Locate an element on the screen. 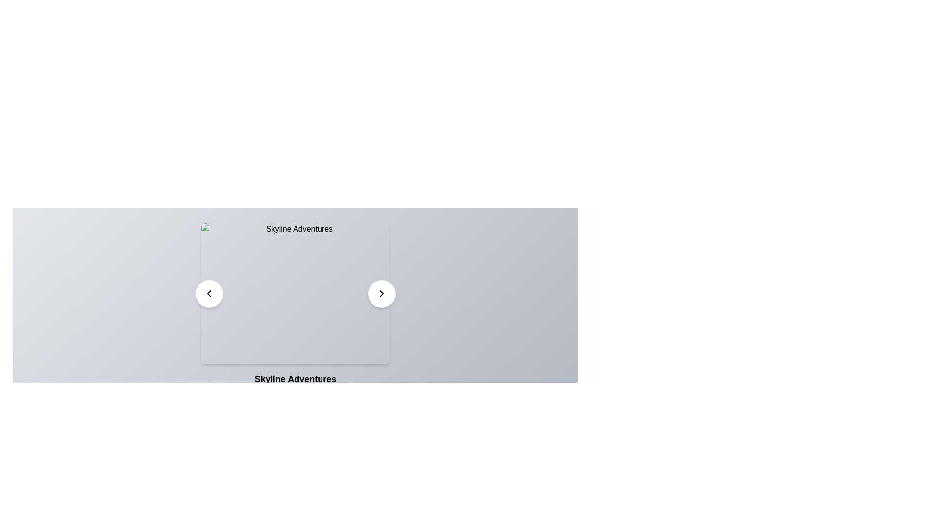 The image size is (941, 529). the centrally positioned image display element that depicts 'Skyline Adventures' with rounded corners and a shadow effect is located at coordinates (295, 293).